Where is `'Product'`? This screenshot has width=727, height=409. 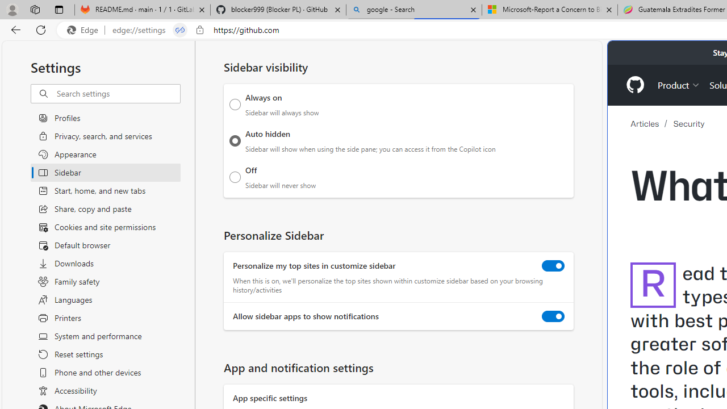
'Product' is located at coordinates (679, 84).